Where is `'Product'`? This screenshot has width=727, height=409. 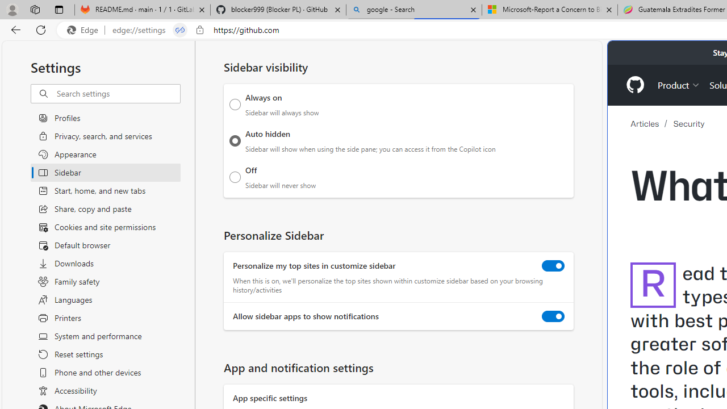
'Product' is located at coordinates (679, 84).